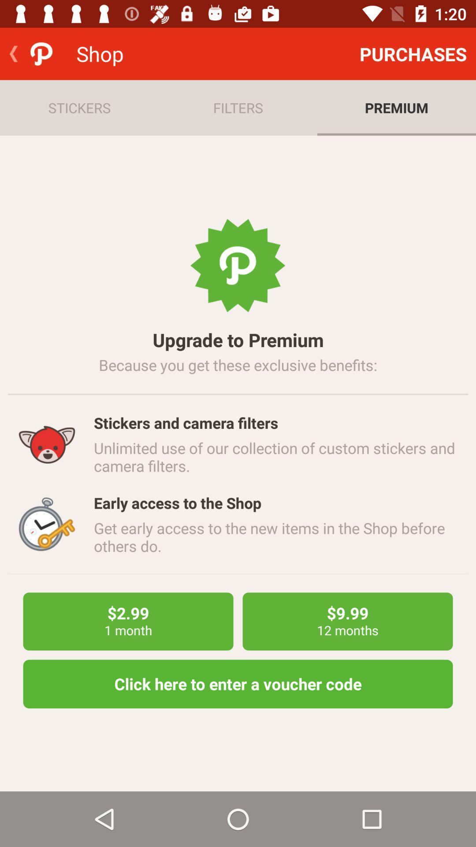 Image resolution: width=476 pixels, height=847 pixels. Describe the element at coordinates (413, 53) in the screenshot. I see `purchases item` at that location.